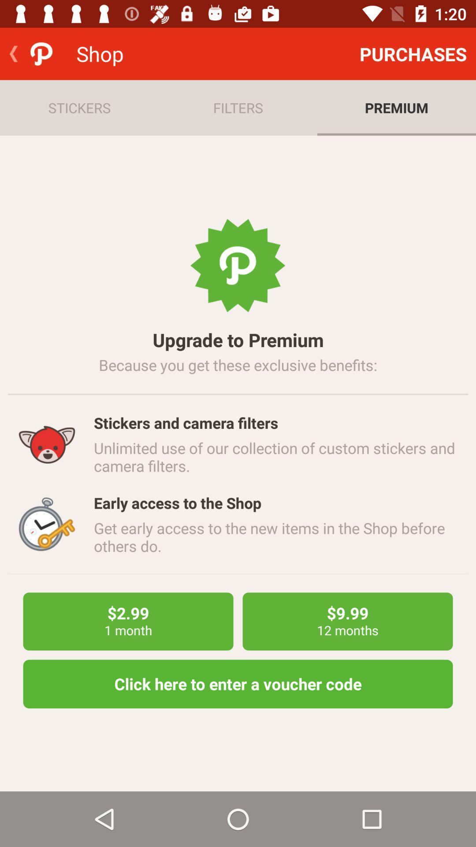 Image resolution: width=476 pixels, height=847 pixels. Describe the element at coordinates (413, 53) in the screenshot. I see `purchases item` at that location.